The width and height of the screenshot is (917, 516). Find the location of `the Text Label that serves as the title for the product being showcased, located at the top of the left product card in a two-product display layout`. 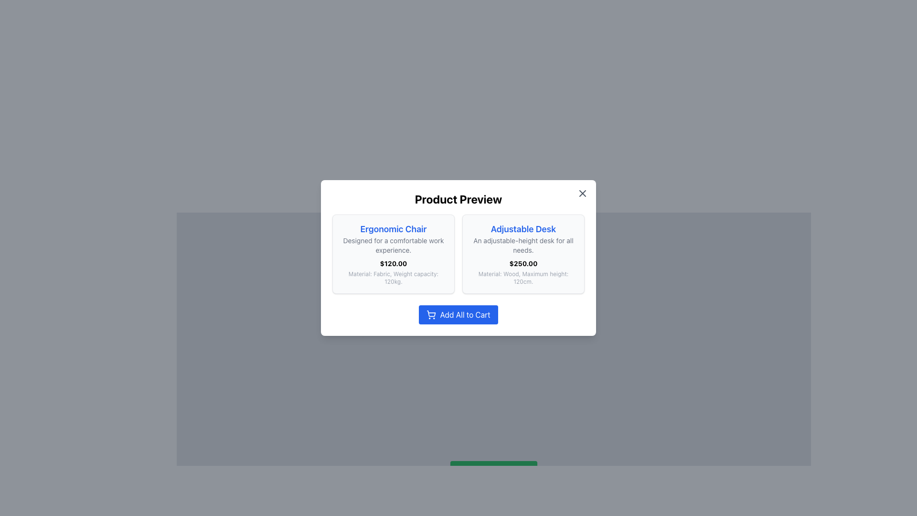

the Text Label that serves as the title for the product being showcased, located at the top of the left product card in a two-product display layout is located at coordinates (394, 229).